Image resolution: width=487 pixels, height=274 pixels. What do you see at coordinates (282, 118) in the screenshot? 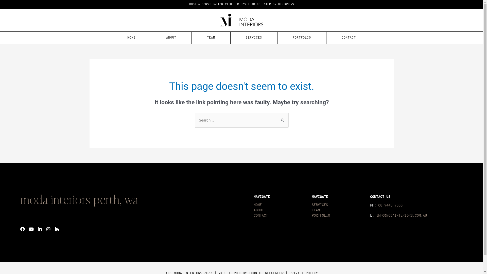
I see `'Search'` at bounding box center [282, 118].